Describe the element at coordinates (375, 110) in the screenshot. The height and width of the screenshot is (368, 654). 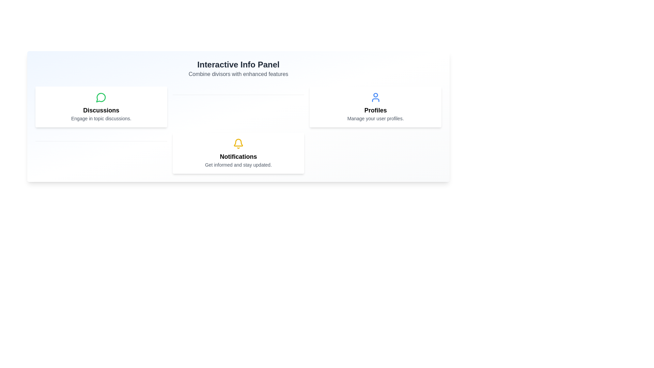
I see `header text indicating the purpose of the 'Profiles' section, positioned below the user profile icon and above the text 'Manage your user profiles.'` at that location.